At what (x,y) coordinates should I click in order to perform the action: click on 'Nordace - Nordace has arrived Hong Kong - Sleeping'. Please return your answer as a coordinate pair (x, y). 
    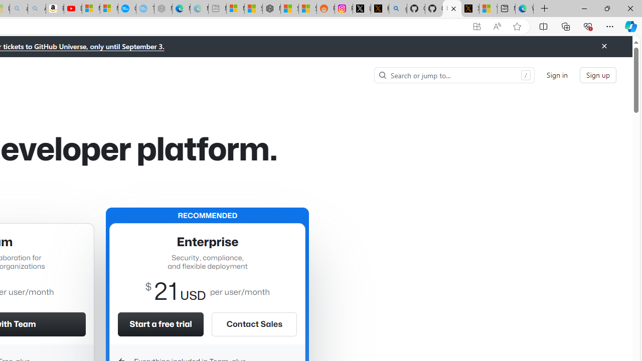
    Looking at the image, I should click on (163, 9).